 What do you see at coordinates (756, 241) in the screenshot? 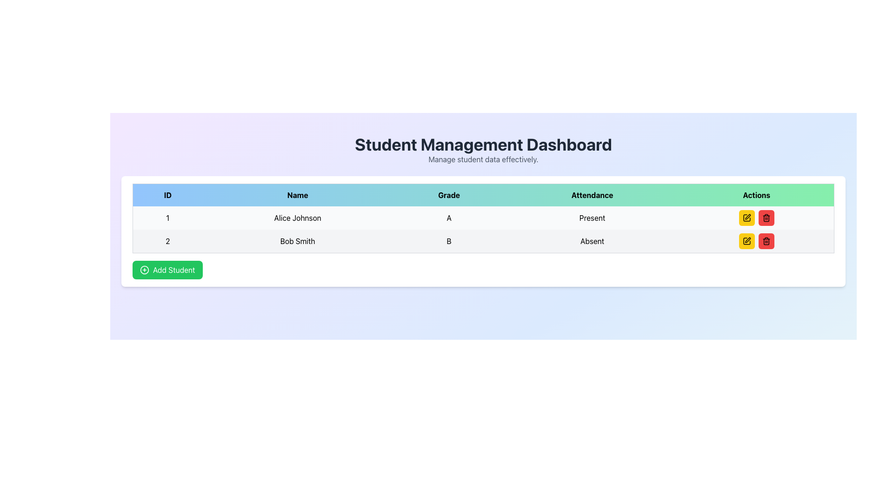
I see `the edit button, which is represented by a yellow background and a pen icon, located in the 'Actions' column for 'Bob Smith' with ID '2'` at bounding box center [756, 241].